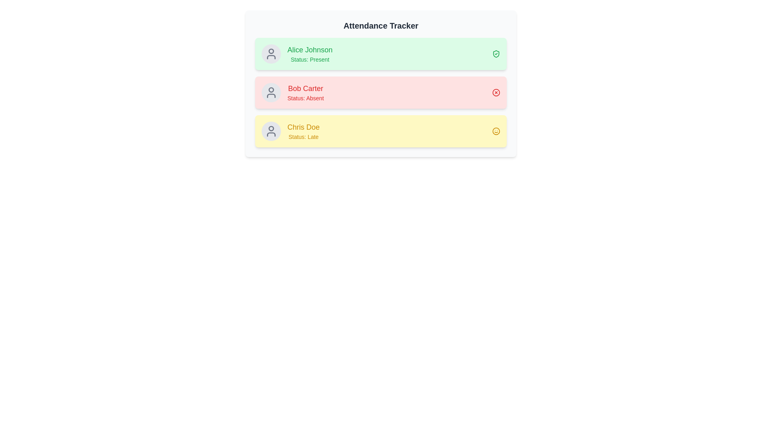  I want to click on displayed information from the Text label indicating the current status of the associated individual, located below 'Chris Doe' in the Attendance Tracker interface, so click(303, 136).